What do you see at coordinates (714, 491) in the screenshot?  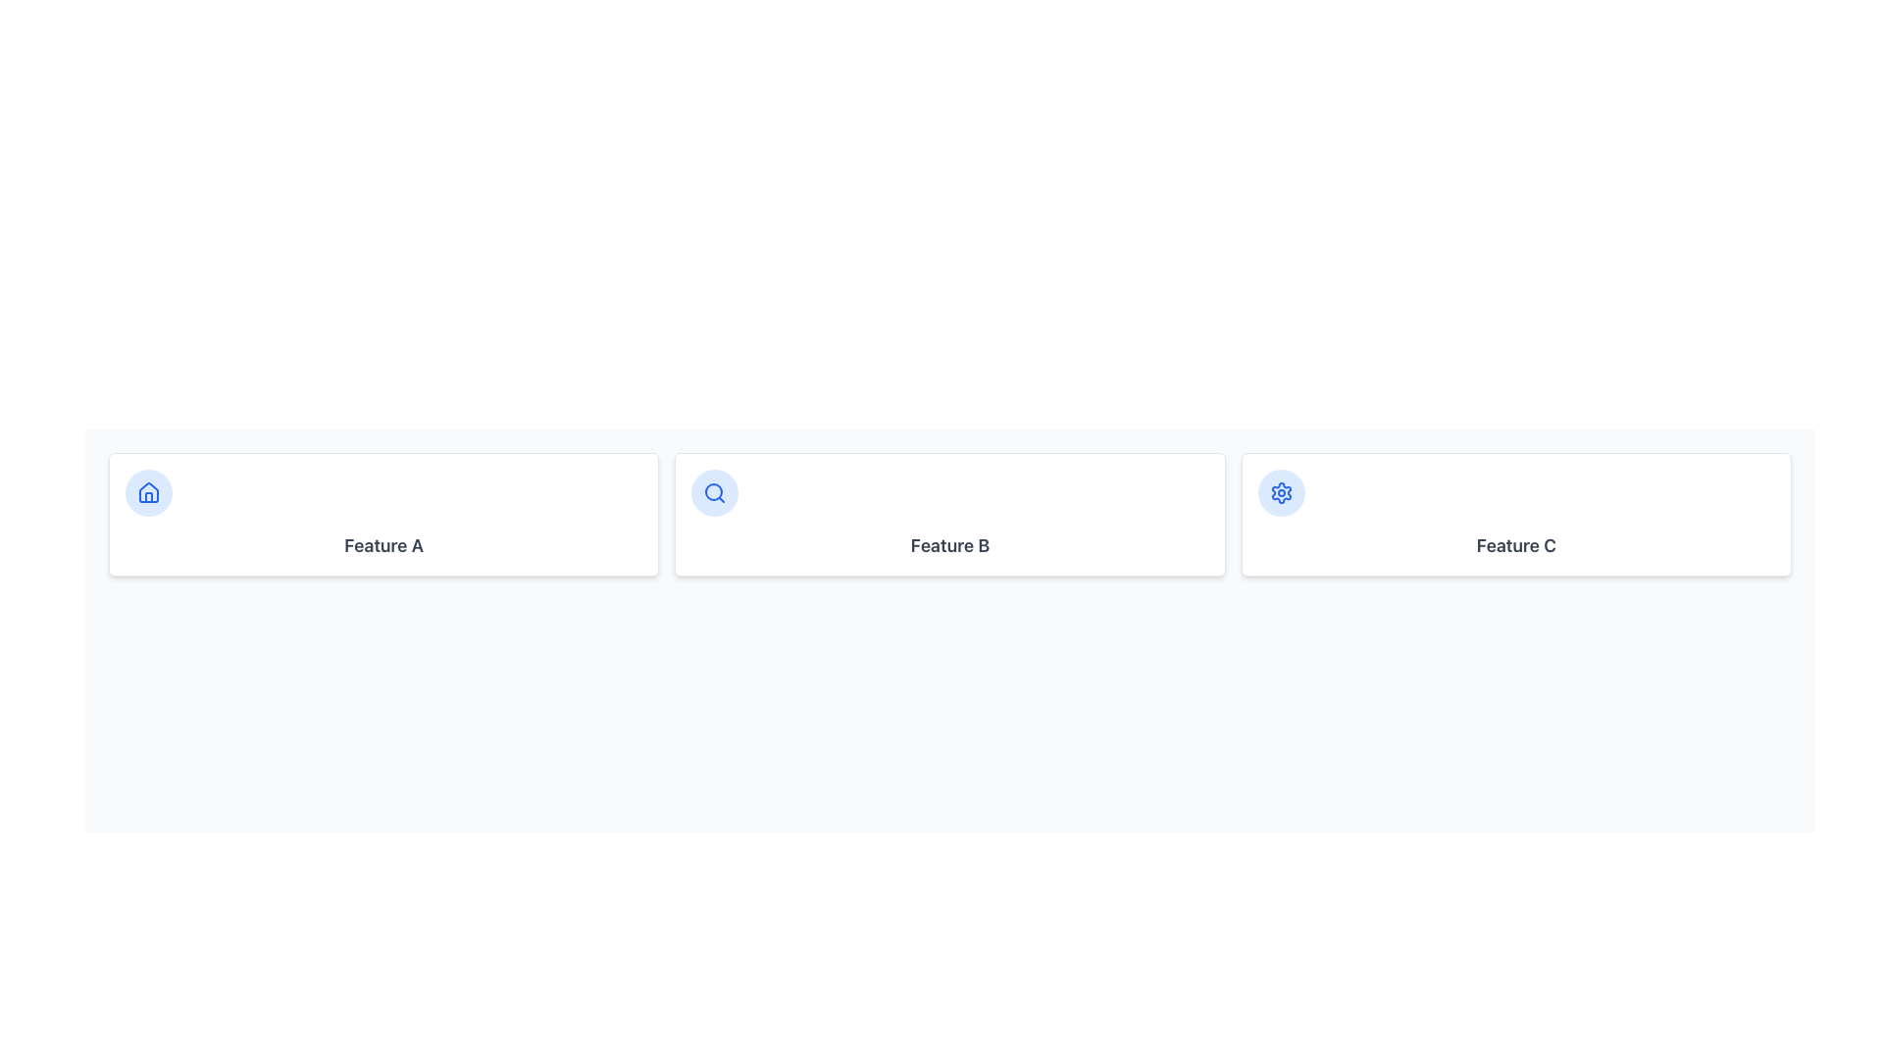 I see `the search icon located at the top center of the card labeled 'Feature B'` at bounding box center [714, 491].